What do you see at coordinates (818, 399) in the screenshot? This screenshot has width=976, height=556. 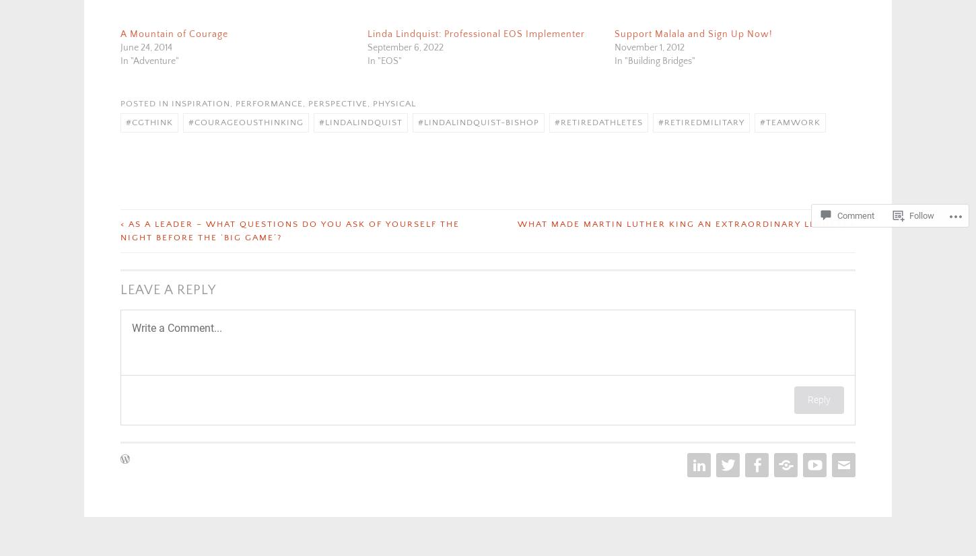 I see `'Reply'` at bounding box center [818, 399].